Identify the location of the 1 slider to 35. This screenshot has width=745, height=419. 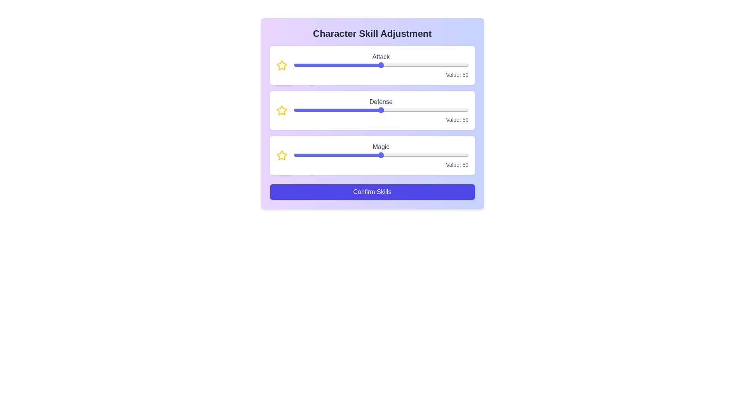
(411, 110).